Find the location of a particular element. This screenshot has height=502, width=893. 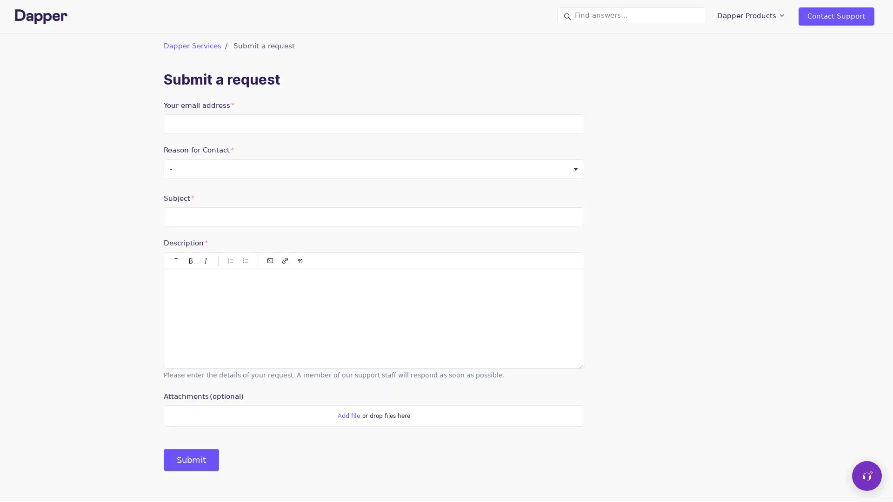

Paragraph styles is located at coordinates (176, 260).